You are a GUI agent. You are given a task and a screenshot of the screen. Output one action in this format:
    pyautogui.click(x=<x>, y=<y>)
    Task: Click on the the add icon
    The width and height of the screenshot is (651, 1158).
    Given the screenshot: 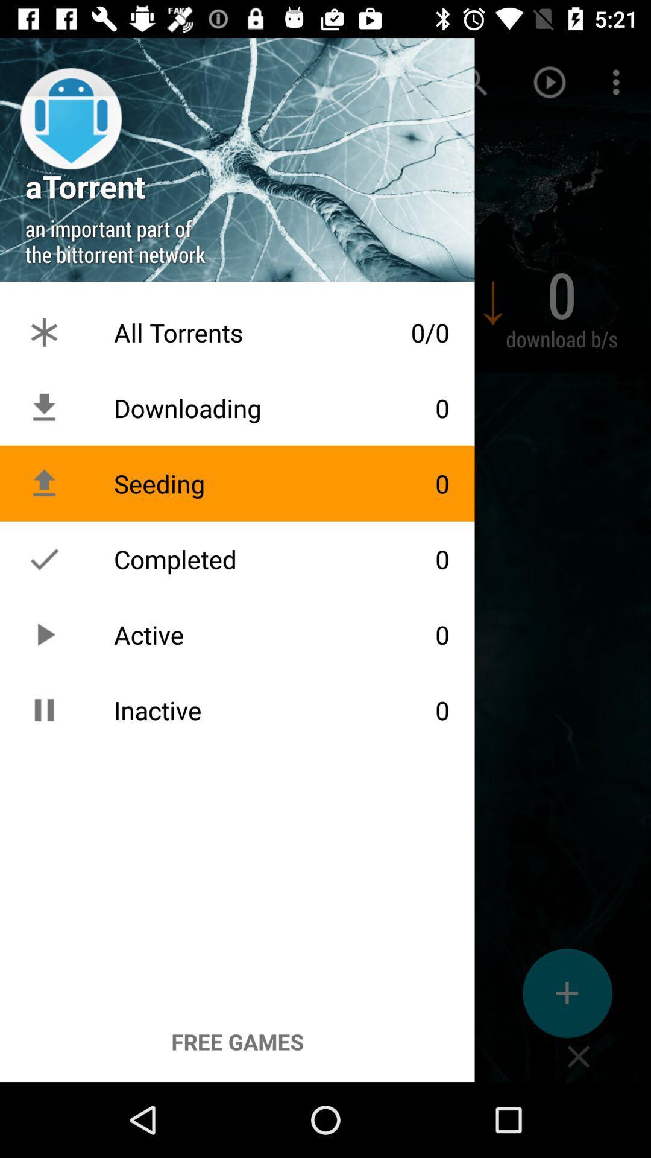 What is the action you would take?
    pyautogui.click(x=567, y=998)
    